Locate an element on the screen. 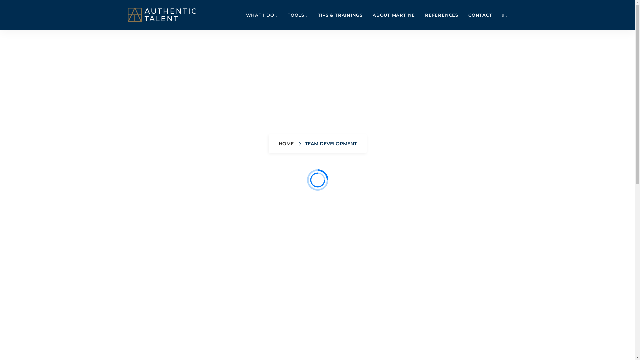  'TOOLS' is located at coordinates (283, 15).